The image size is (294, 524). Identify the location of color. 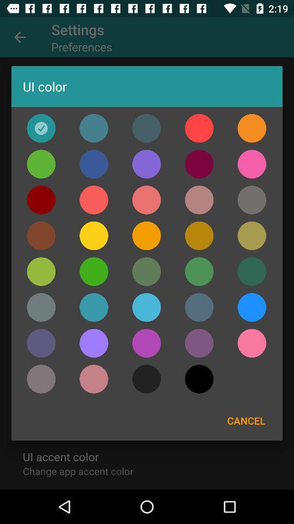
(40, 342).